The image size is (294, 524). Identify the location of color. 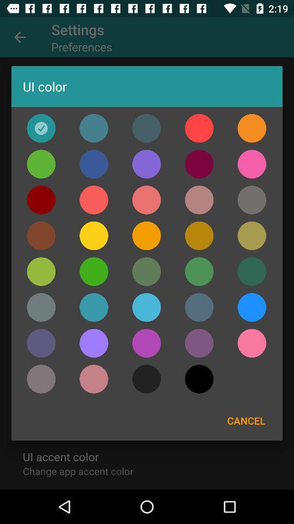
(40, 342).